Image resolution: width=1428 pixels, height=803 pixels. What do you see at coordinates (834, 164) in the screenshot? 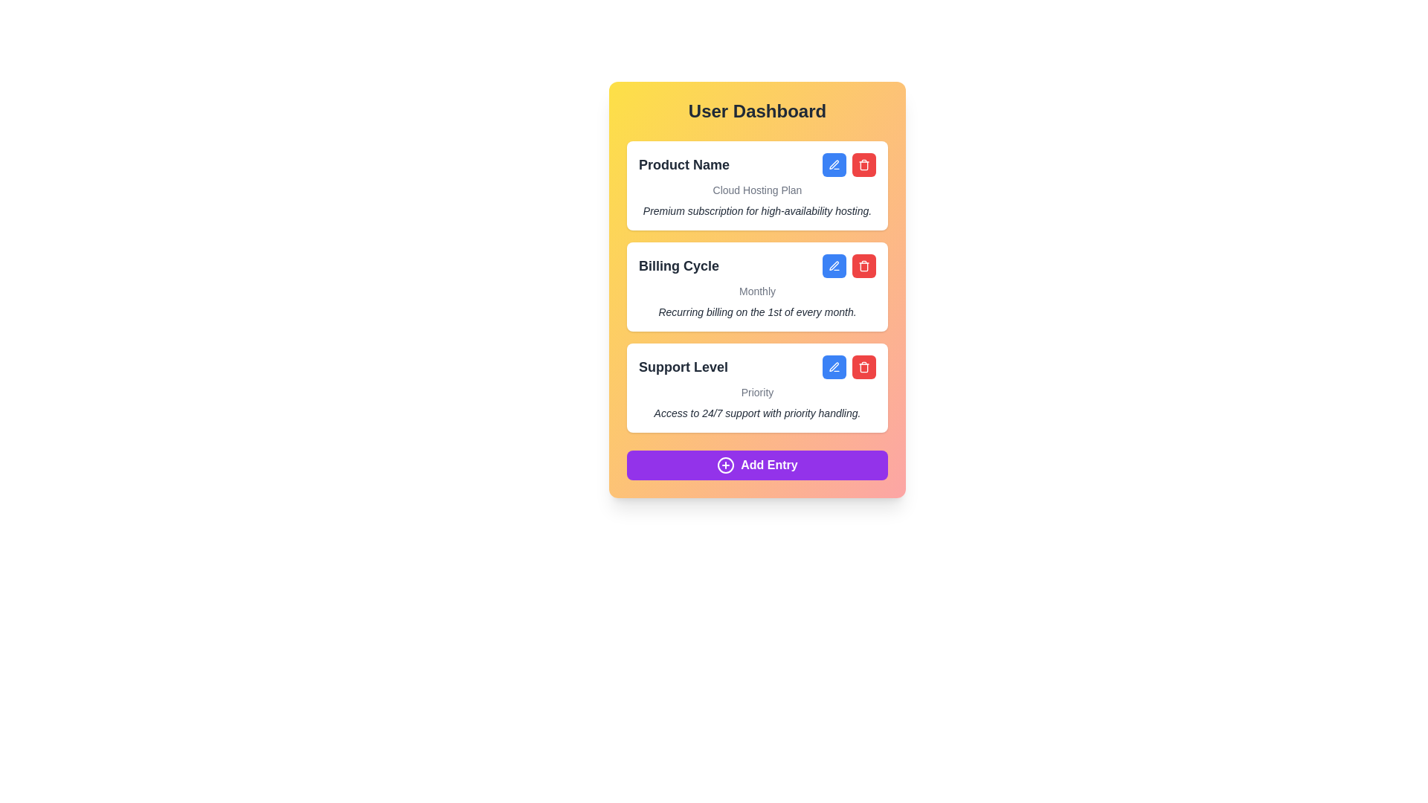
I see `the blue edit button located to the right of the 'Product Name' section header in the User Dashboard` at bounding box center [834, 164].